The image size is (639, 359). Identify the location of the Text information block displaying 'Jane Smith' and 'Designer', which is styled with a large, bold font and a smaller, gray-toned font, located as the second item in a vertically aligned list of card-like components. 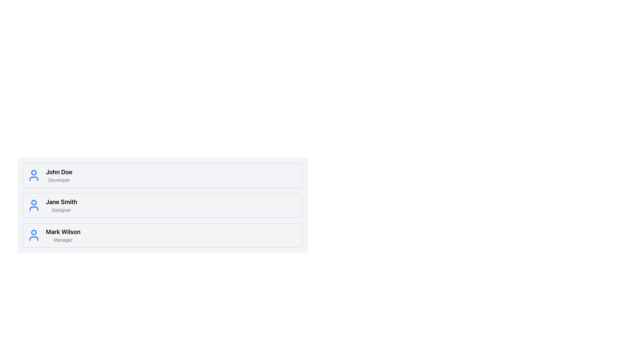
(61, 205).